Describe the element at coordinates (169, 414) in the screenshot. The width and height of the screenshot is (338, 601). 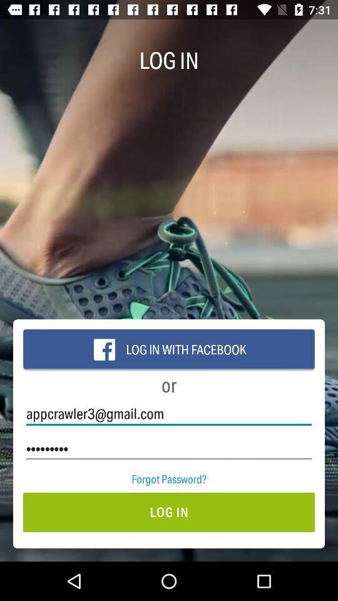
I see `appcrawler3@gmail.com item` at that location.